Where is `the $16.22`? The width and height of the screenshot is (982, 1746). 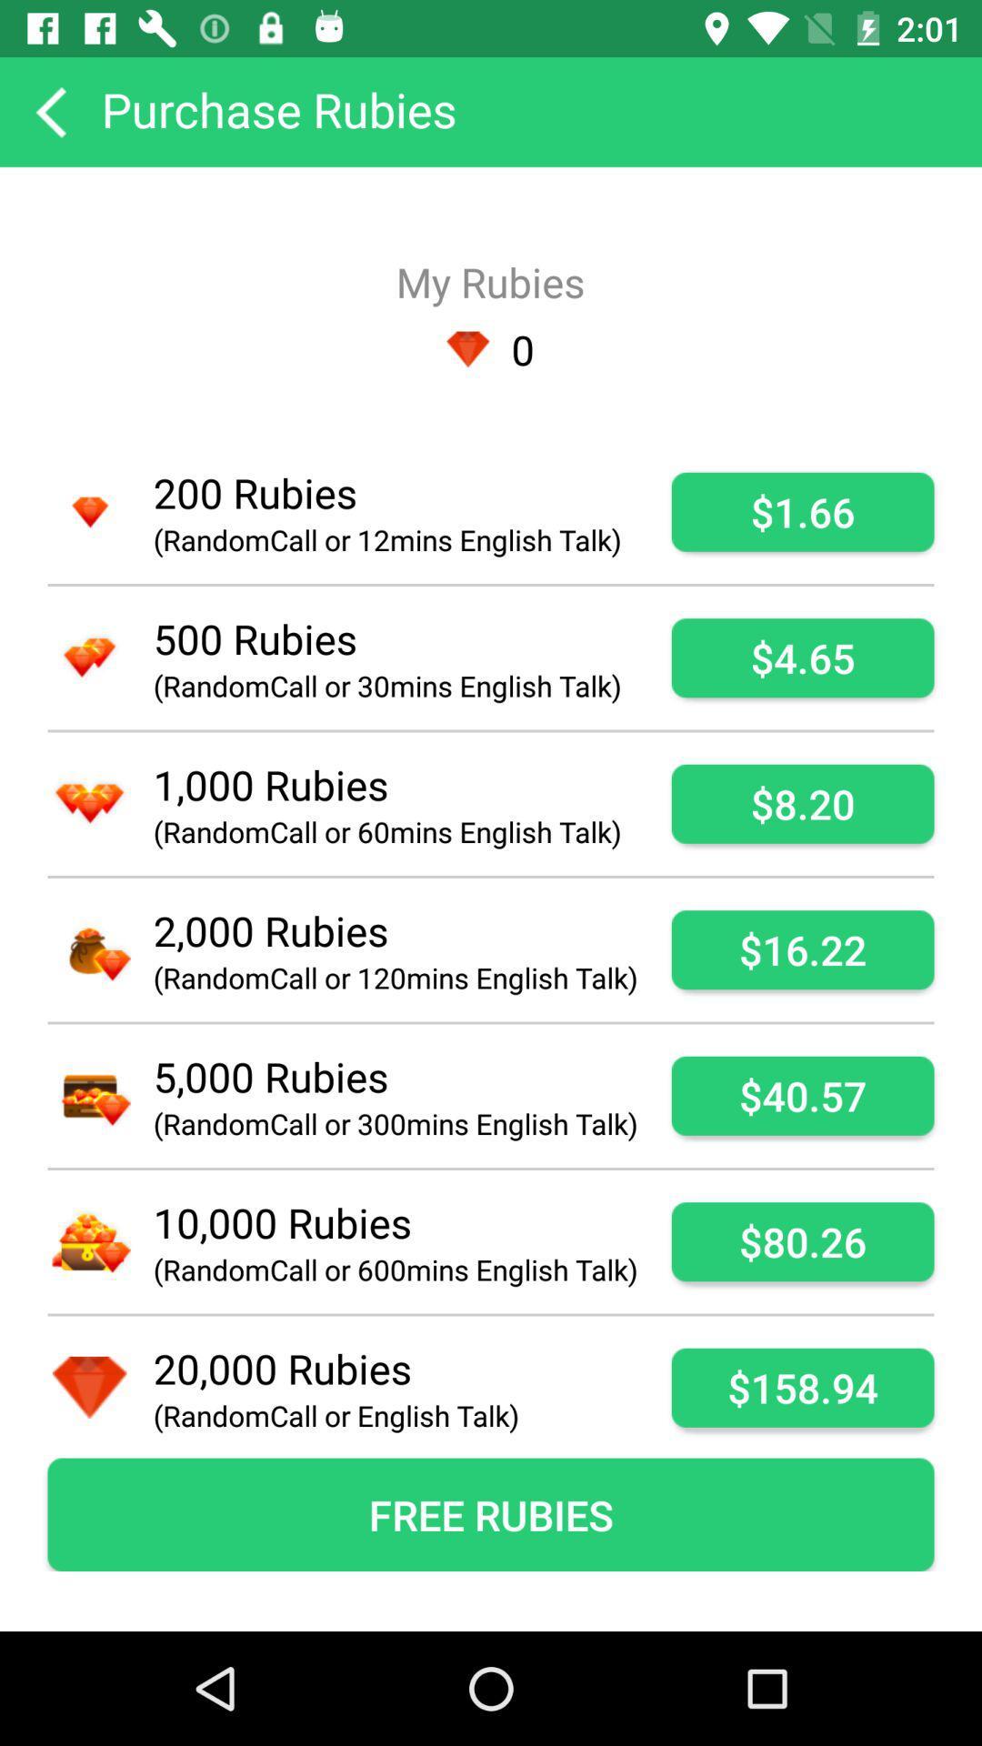 the $16.22 is located at coordinates (802, 948).